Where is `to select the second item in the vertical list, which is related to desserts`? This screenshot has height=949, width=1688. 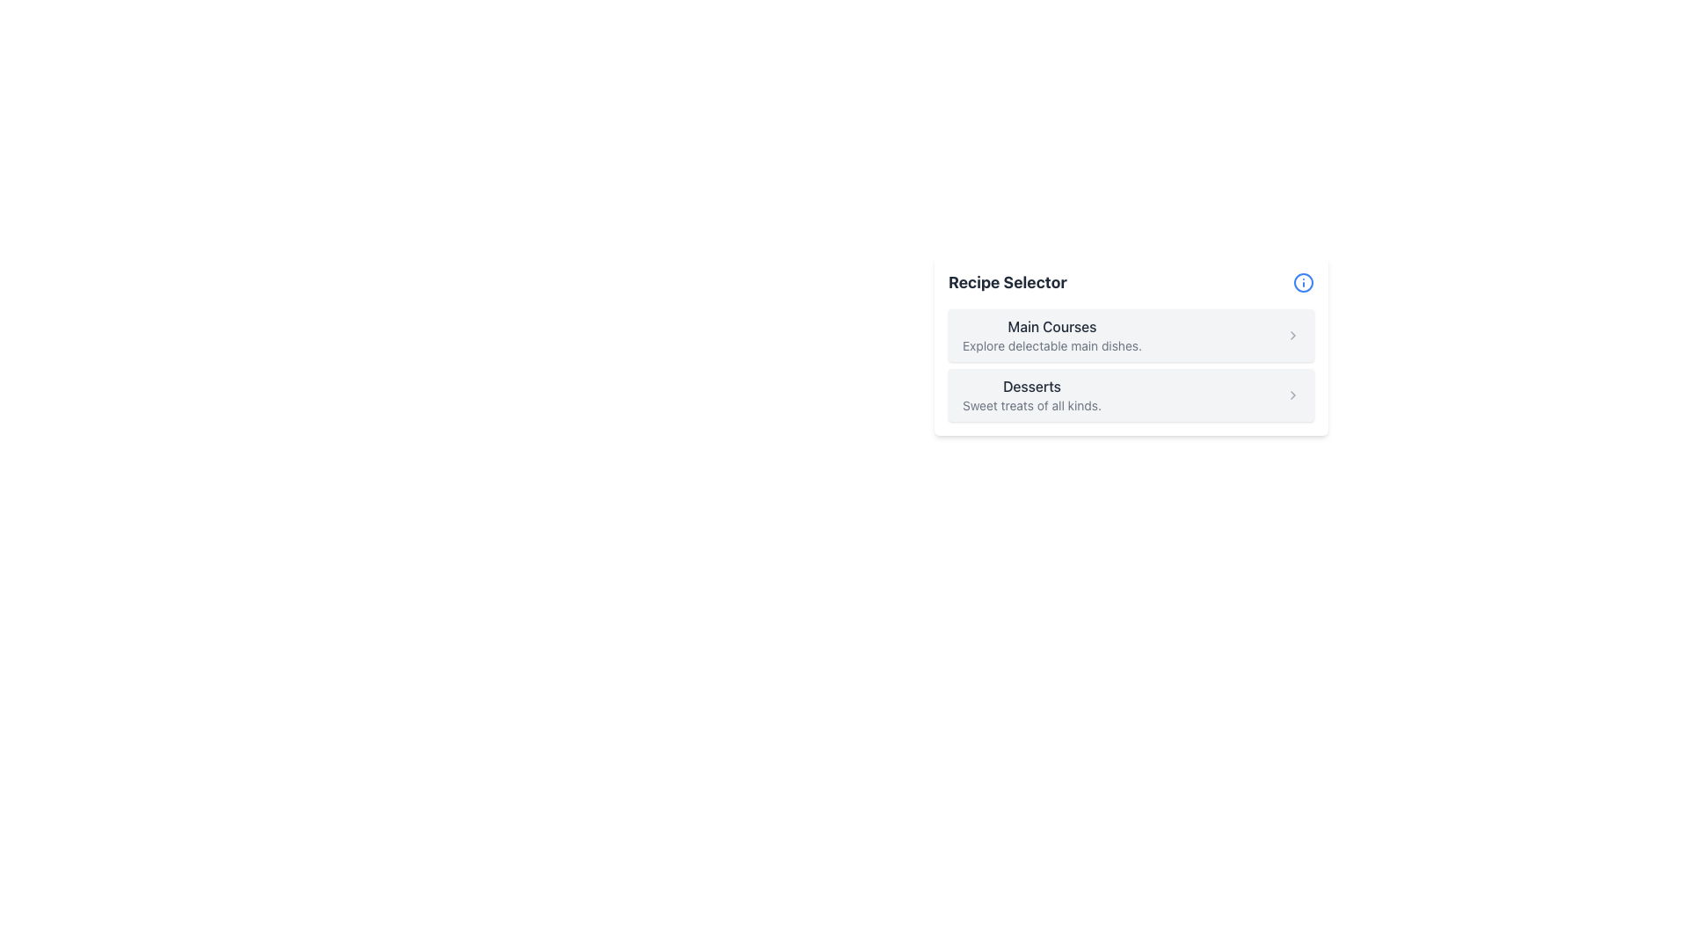
to select the second item in the vertical list, which is related to desserts is located at coordinates (1131, 395).